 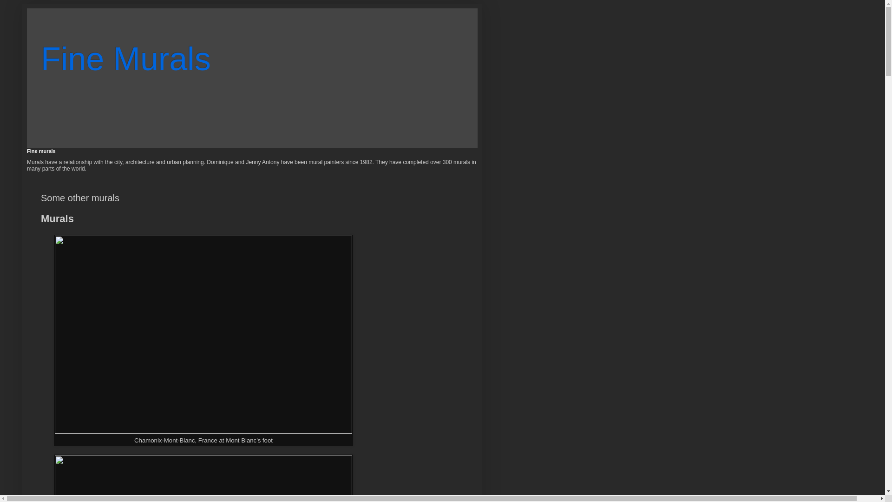 What do you see at coordinates (125, 59) in the screenshot?
I see `'Fine Murals'` at bounding box center [125, 59].